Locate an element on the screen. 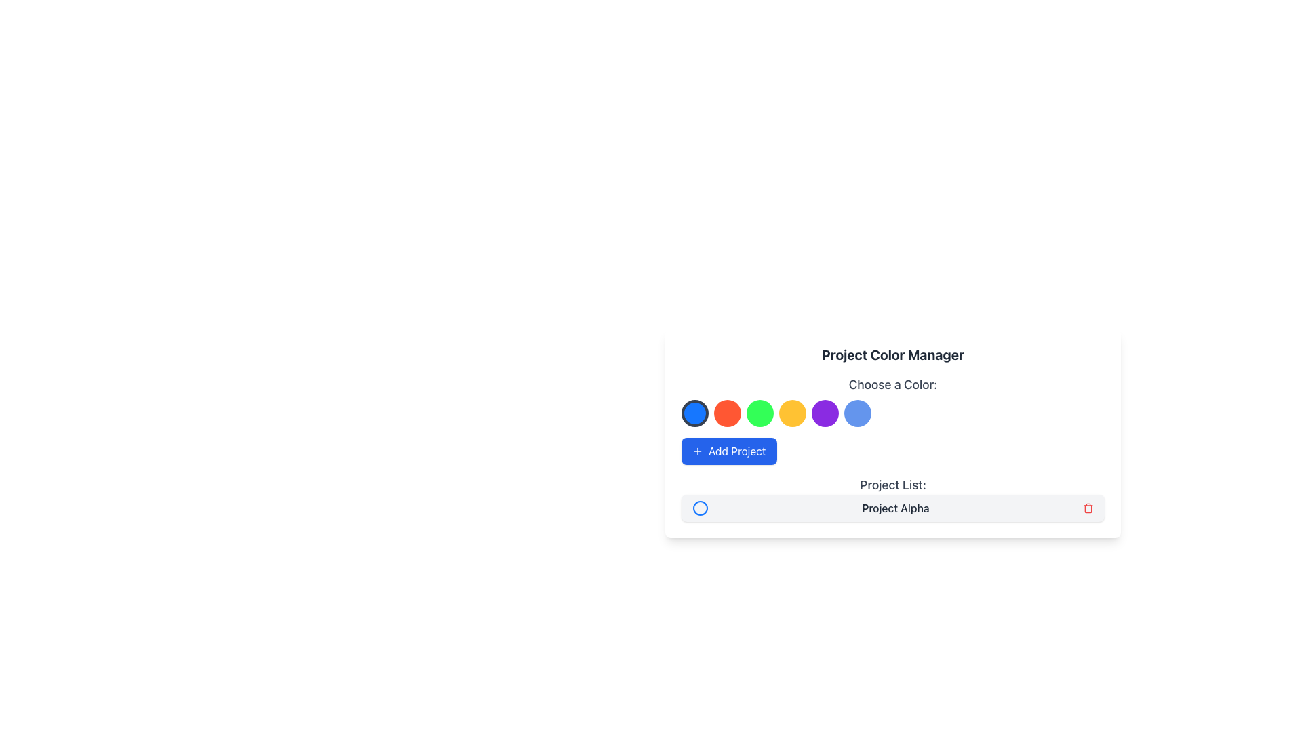  the first circular button with a vibrant blue fill and dark gray border in the 'Choose a Color' section is located at coordinates (695, 412).